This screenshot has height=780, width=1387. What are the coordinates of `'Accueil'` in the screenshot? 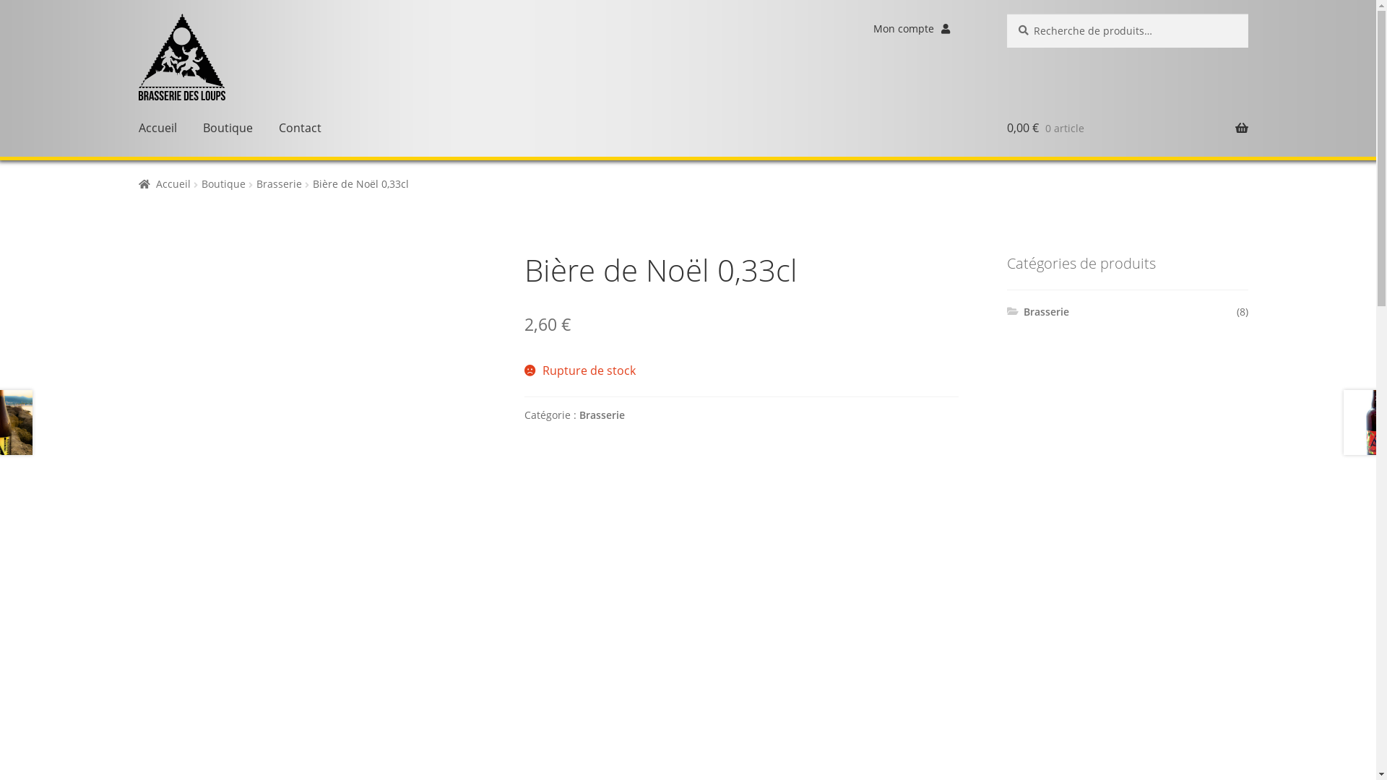 It's located at (157, 127).